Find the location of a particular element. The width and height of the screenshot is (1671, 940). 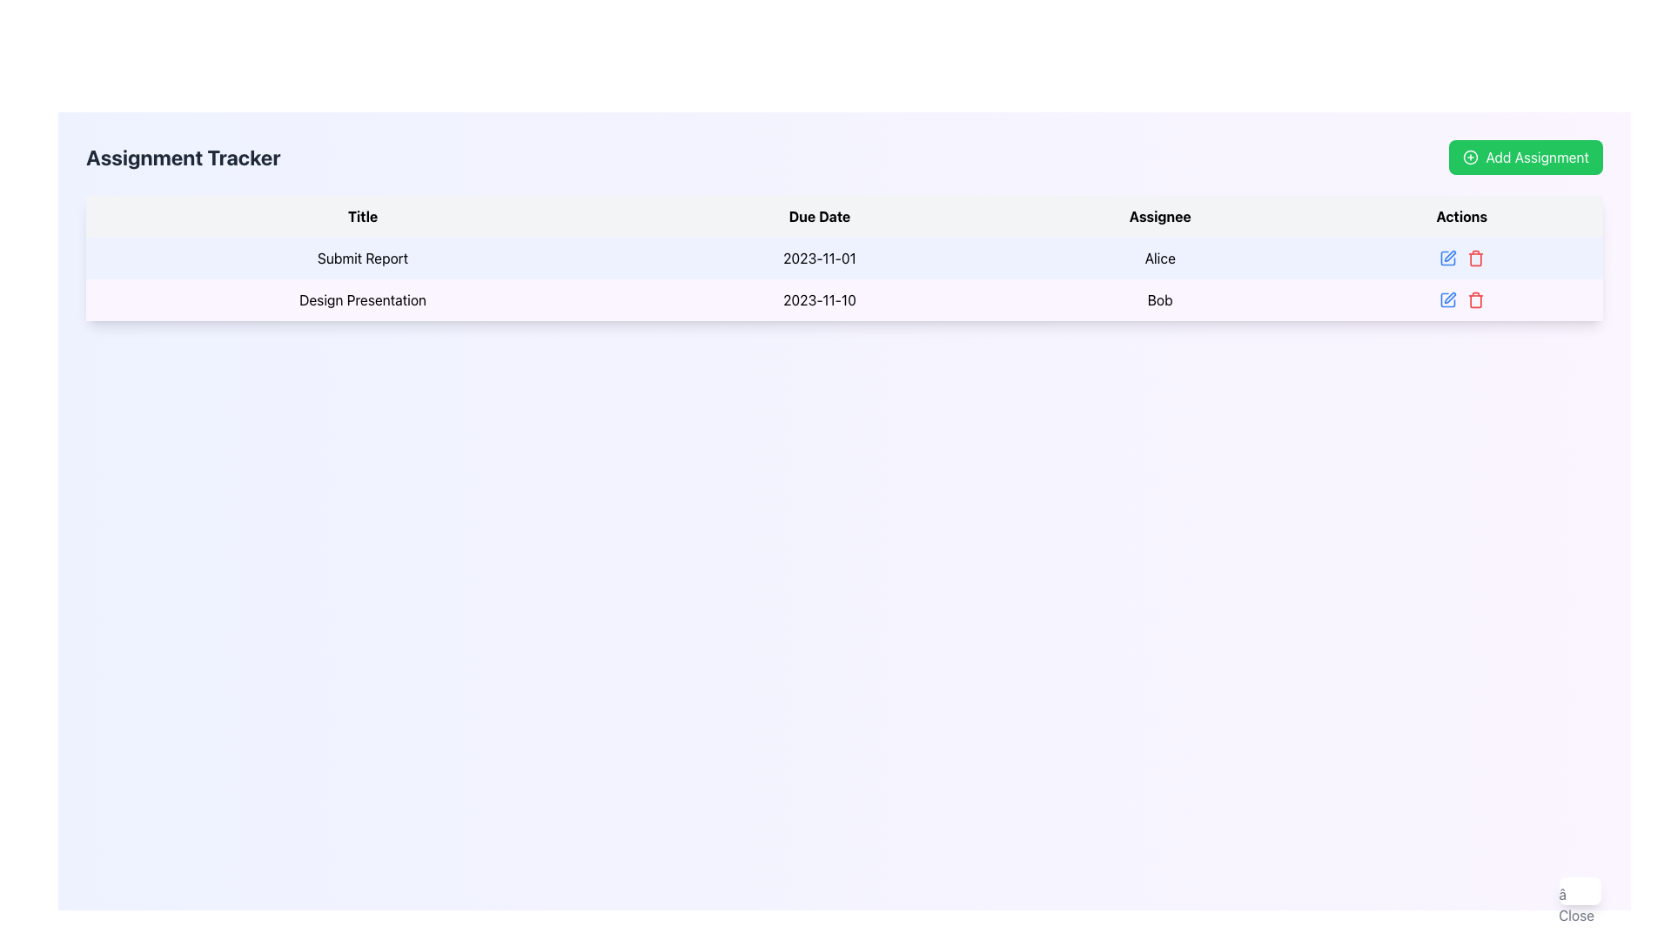

bold, large-sized text element labeled 'Assignment Tracker' located near the top-left corner of the interface is located at coordinates (183, 158).